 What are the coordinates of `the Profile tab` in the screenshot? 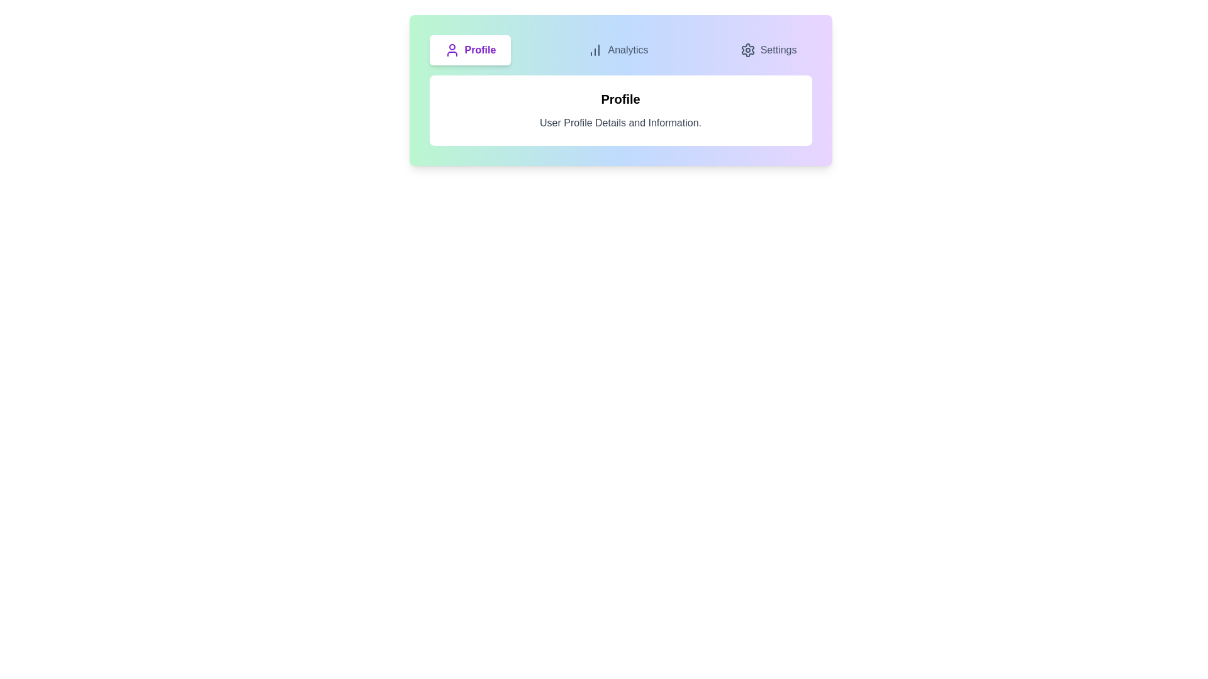 It's located at (469, 50).